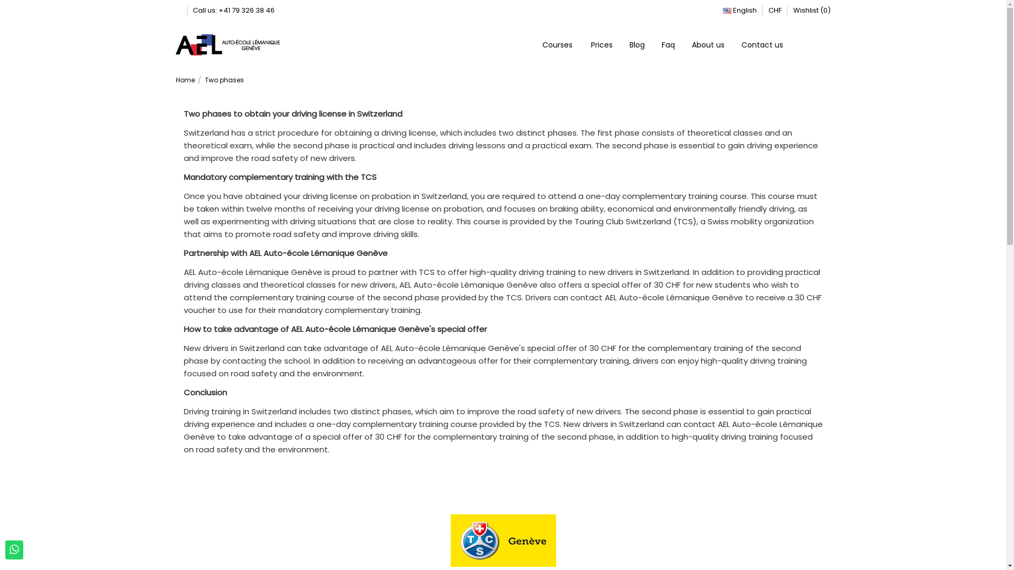 The height and width of the screenshot is (570, 1014). What do you see at coordinates (768, 10) in the screenshot?
I see `'CHF'` at bounding box center [768, 10].